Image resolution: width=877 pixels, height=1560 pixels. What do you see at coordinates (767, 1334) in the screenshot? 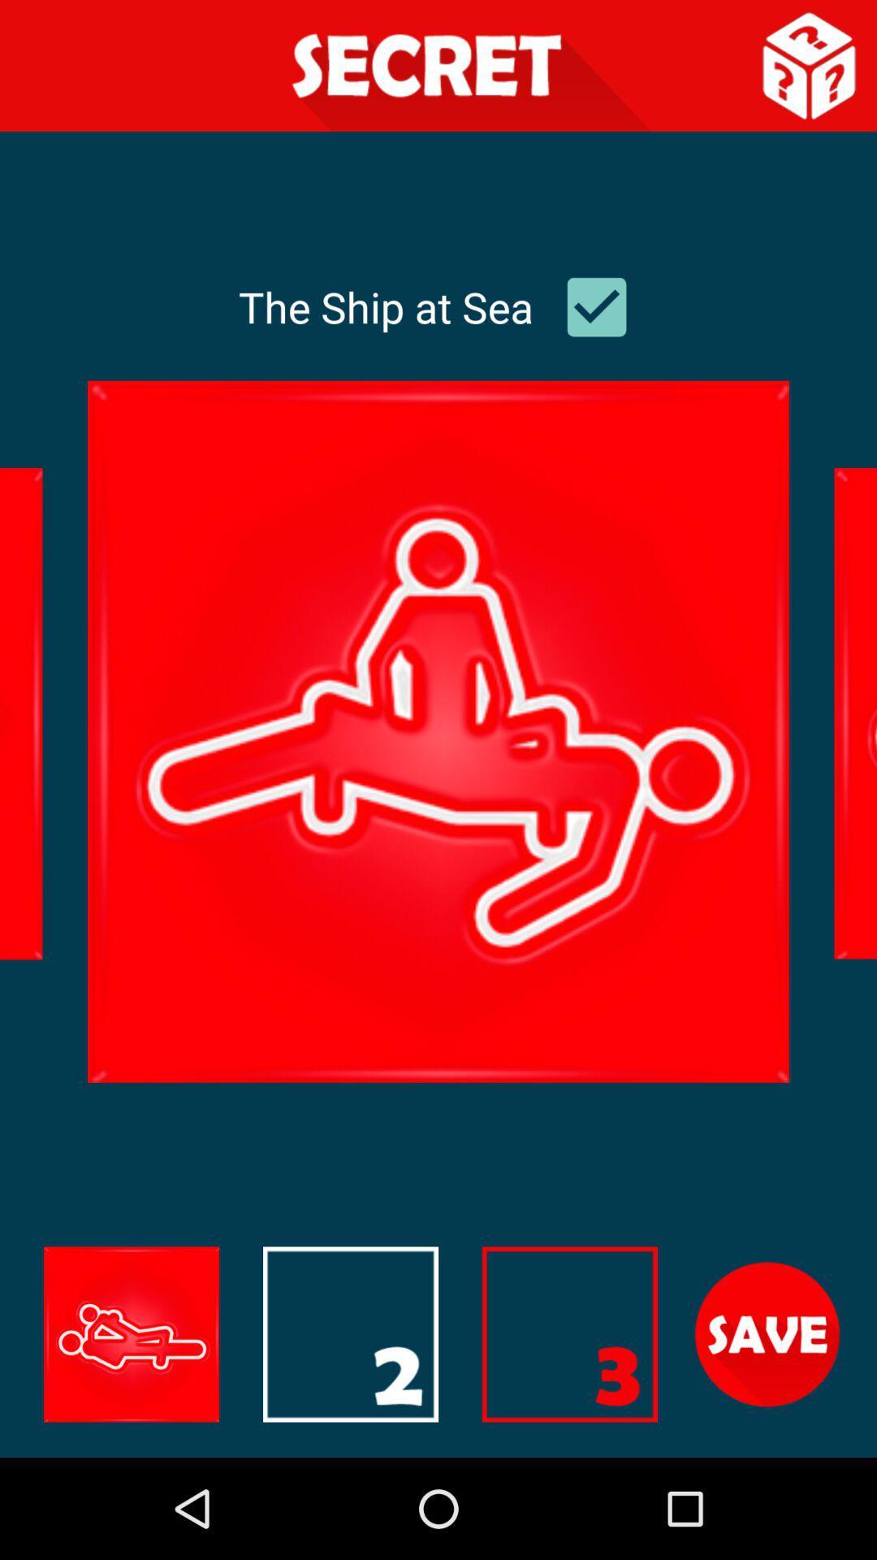
I see `save` at bounding box center [767, 1334].